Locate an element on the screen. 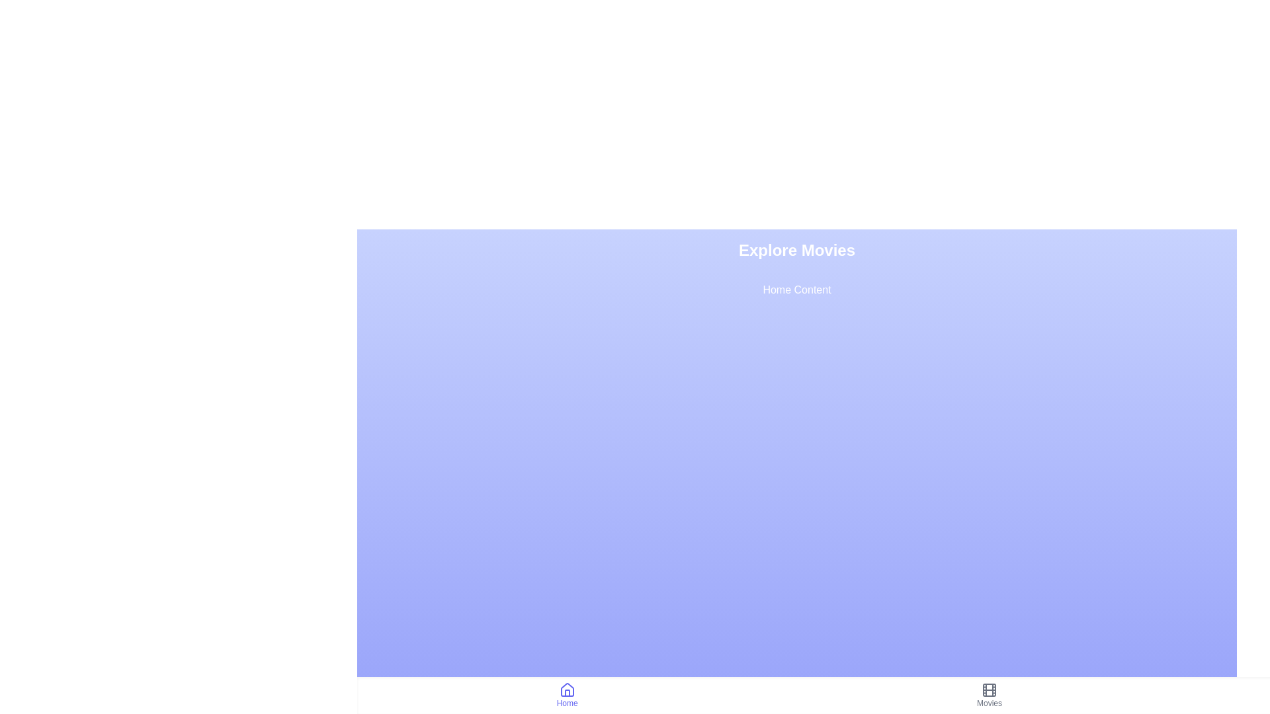 This screenshot has width=1270, height=714. the 'Home' icon button is located at coordinates (567, 690).